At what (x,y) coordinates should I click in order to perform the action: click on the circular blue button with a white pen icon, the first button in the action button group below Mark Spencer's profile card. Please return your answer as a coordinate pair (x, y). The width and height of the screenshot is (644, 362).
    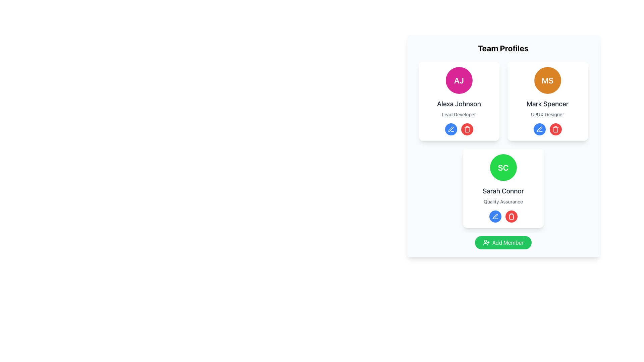
    Looking at the image, I should click on (539, 129).